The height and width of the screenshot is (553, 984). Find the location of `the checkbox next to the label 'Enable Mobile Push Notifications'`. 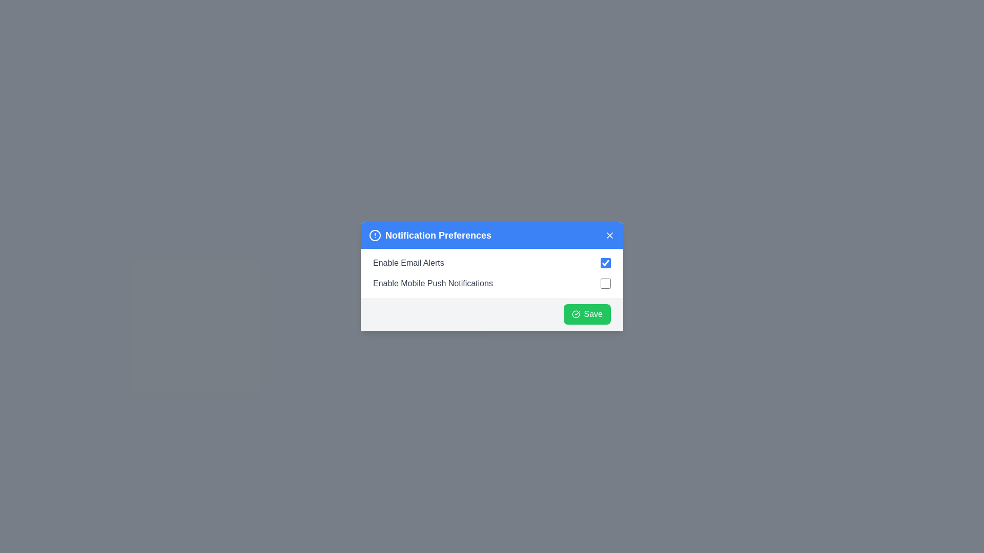

the checkbox next to the label 'Enable Mobile Push Notifications' is located at coordinates (492, 284).